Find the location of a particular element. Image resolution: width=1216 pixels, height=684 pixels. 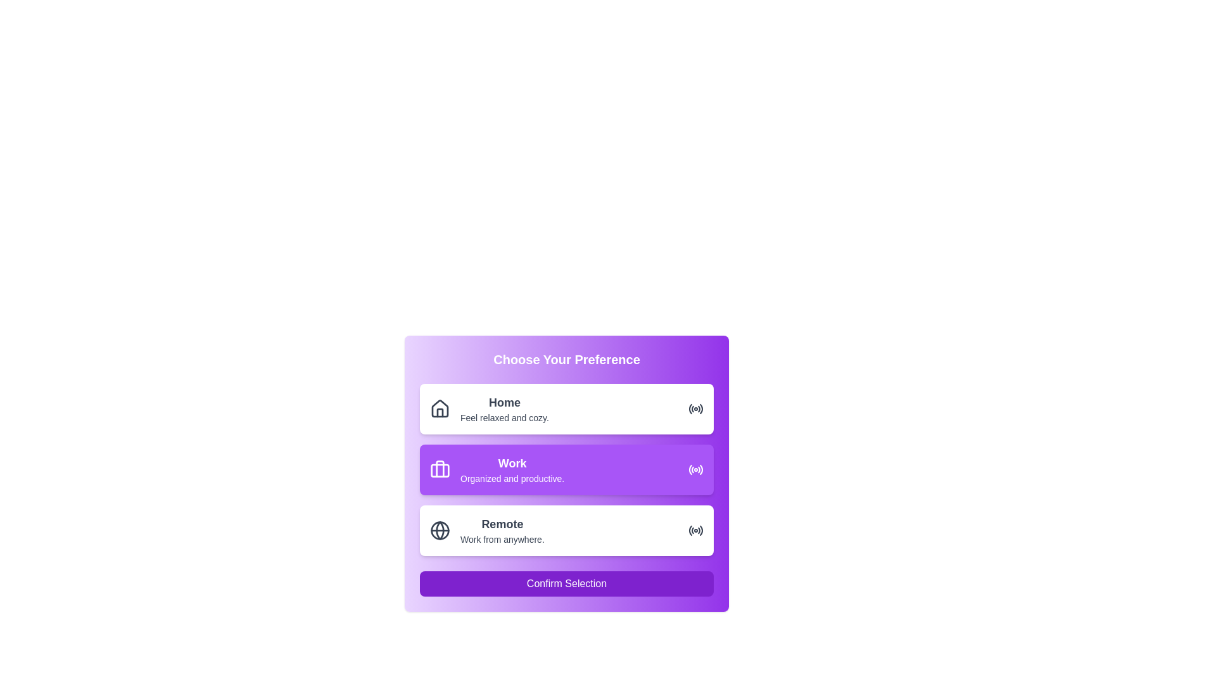

the content of the descriptive text element indicating the preference for 'Work', which is the second item in a vertical stack of options labeled 'Home' and 'Remote' is located at coordinates (512, 469).